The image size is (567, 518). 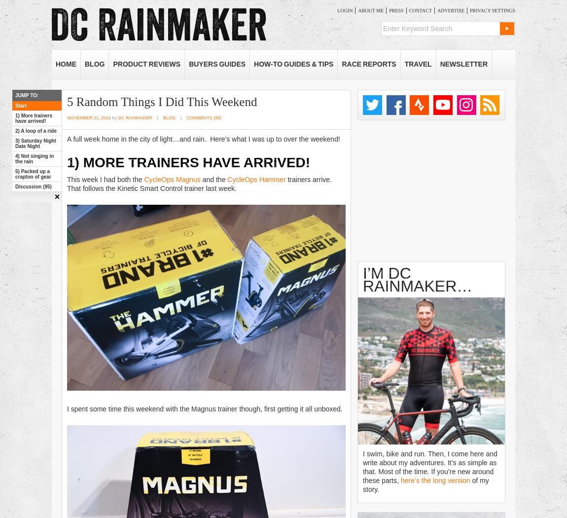 I want to click on '2) A loop of a ride', so click(x=15, y=130).